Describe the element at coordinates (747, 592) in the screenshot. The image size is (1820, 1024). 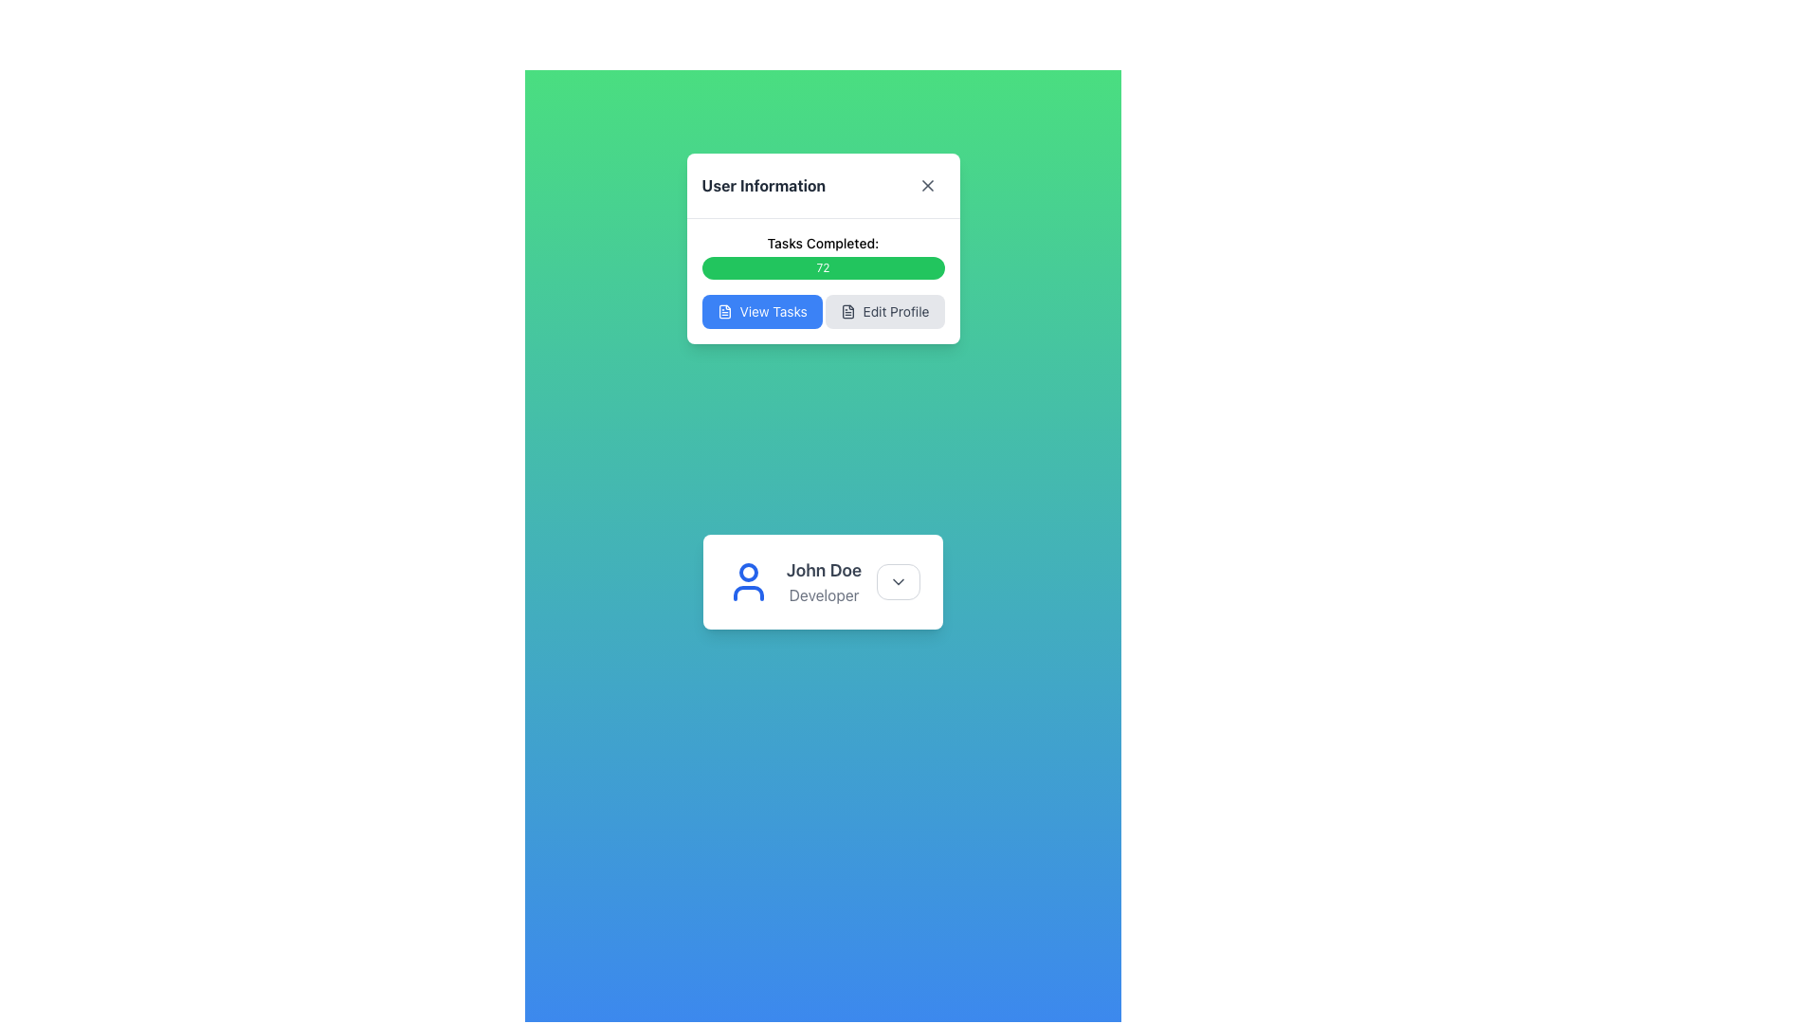
I see `the lower body and shoulders of the person icon within the SVG user symbol, which is colored in a sharp blue hue` at that location.